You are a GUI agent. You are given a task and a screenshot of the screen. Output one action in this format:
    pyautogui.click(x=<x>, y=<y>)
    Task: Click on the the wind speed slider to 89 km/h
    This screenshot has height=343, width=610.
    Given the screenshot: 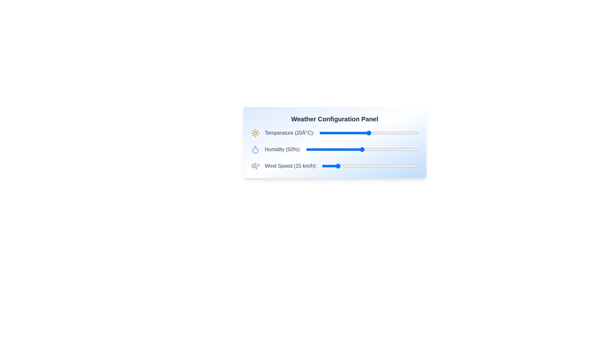 What is the action you would take?
    pyautogui.click(x=408, y=166)
    